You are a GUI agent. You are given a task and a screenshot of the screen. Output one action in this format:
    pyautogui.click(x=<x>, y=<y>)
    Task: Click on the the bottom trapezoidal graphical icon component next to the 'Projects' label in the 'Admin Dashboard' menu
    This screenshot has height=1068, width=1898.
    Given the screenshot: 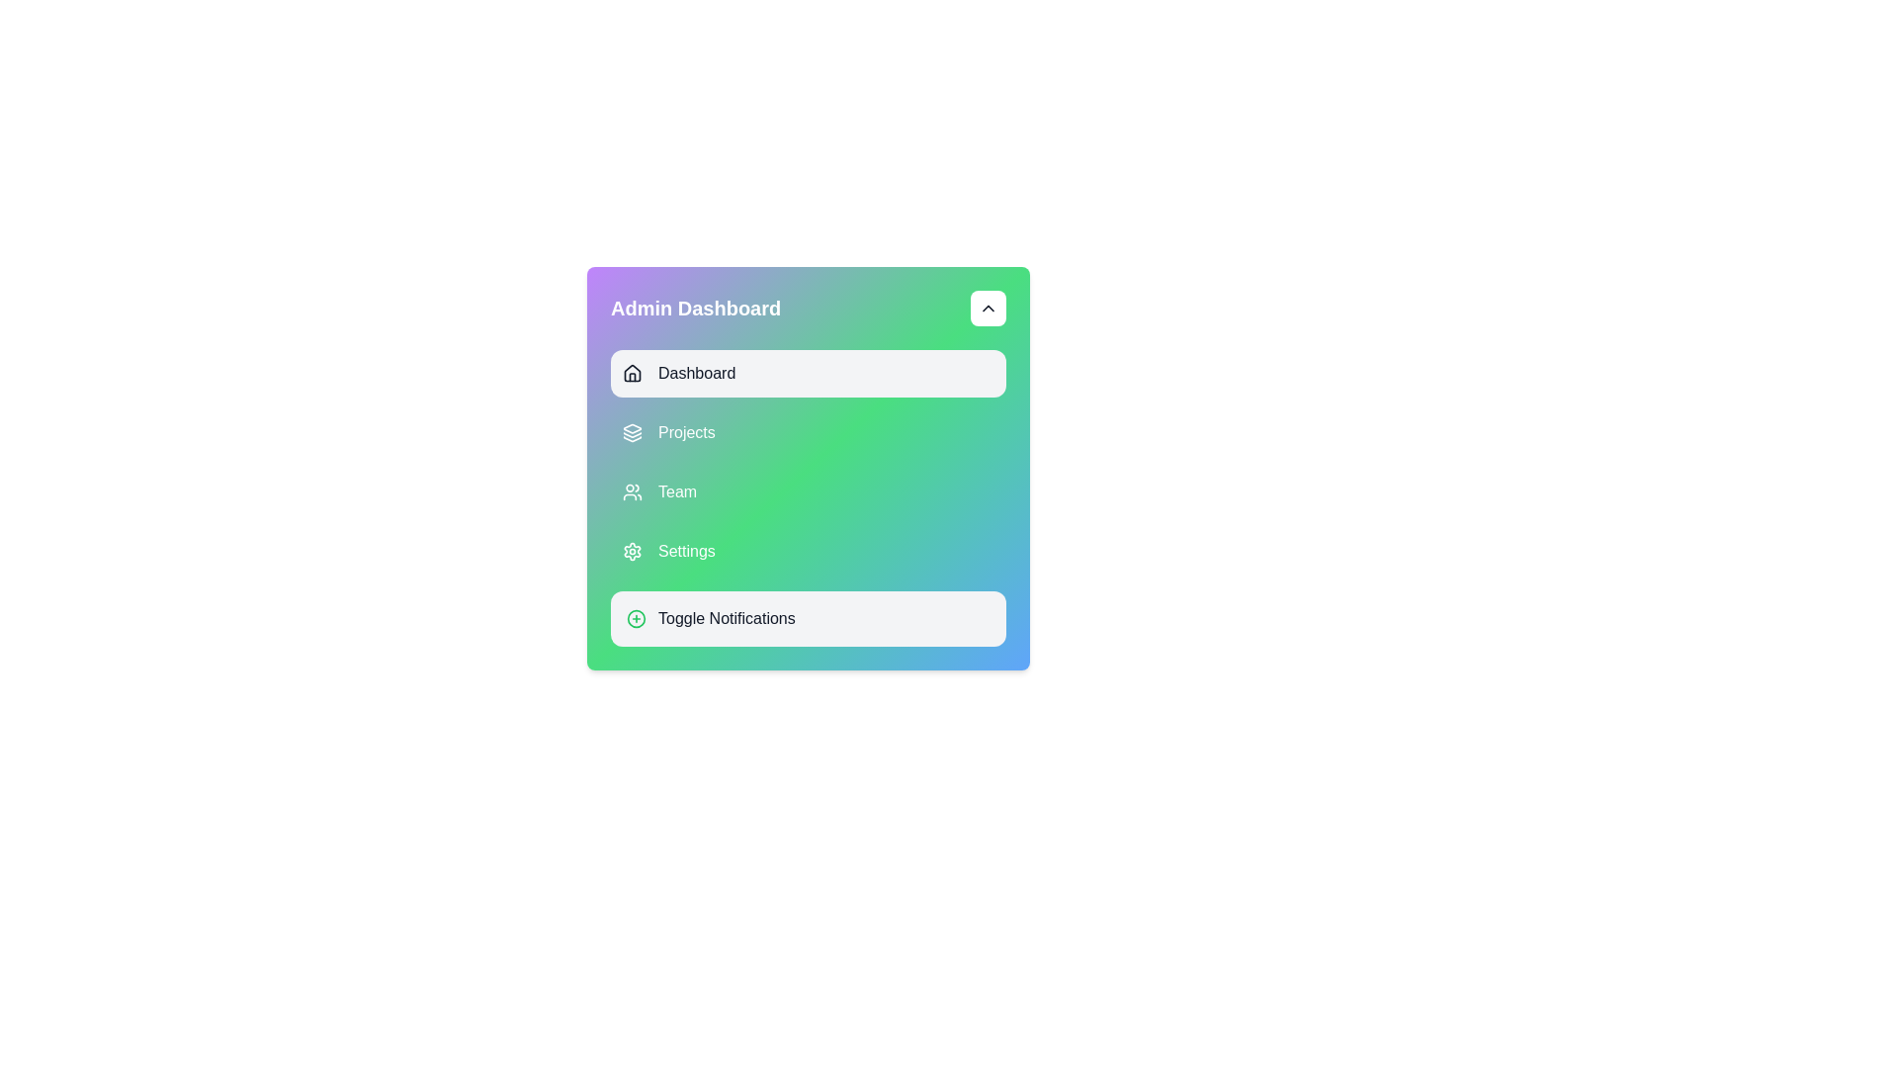 What is the action you would take?
    pyautogui.click(x=631, y=438)
    